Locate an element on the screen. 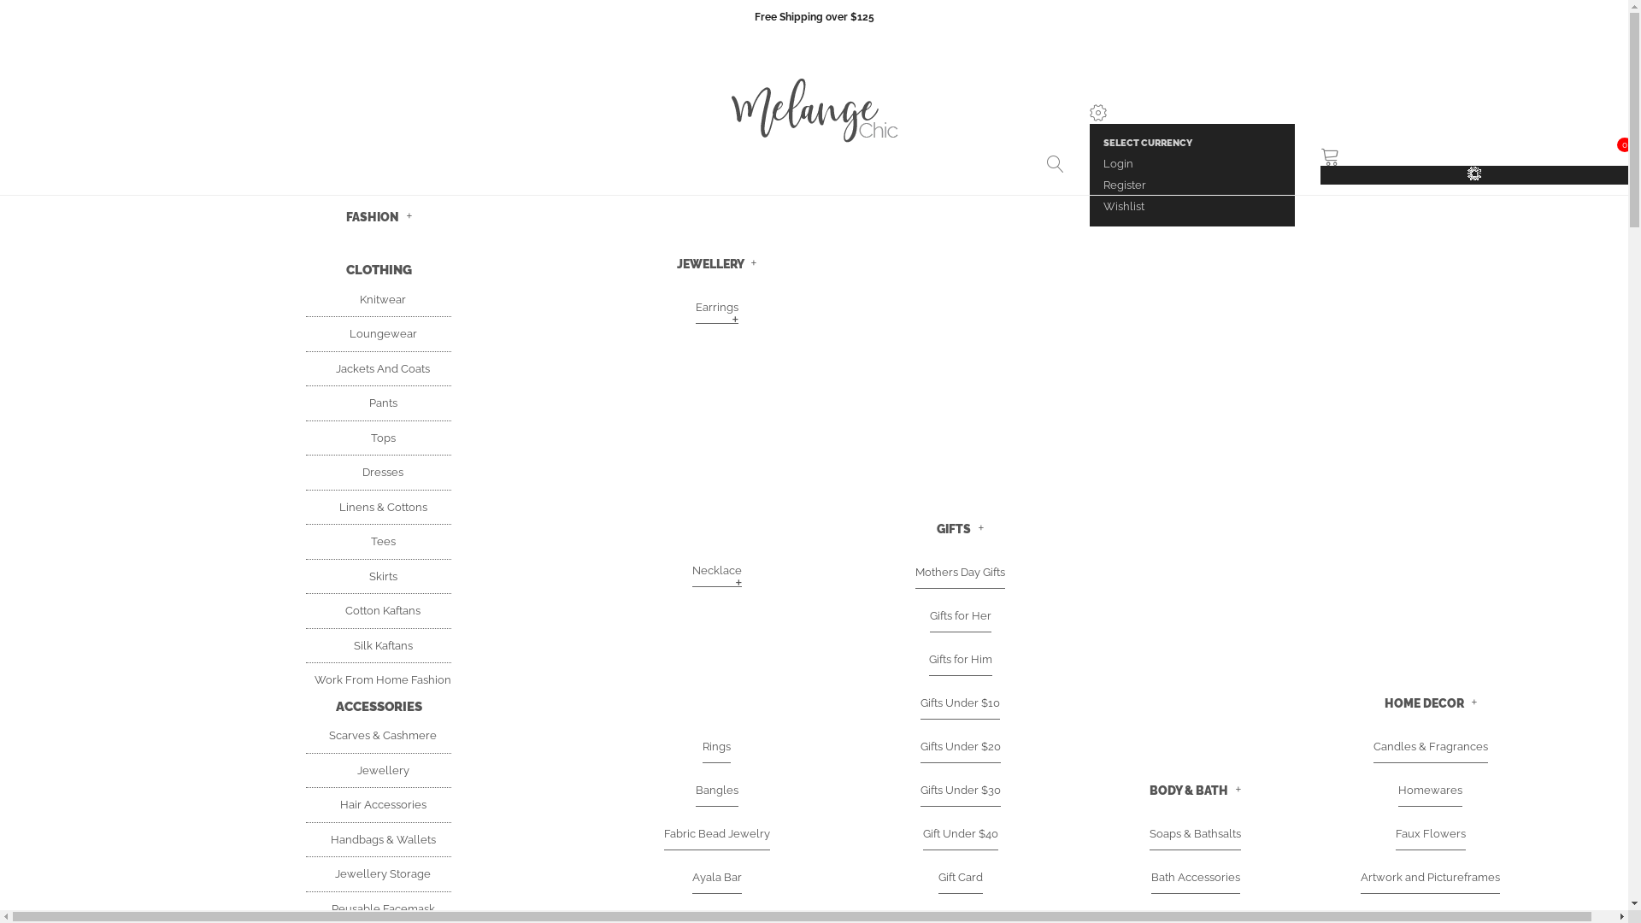 The height and width of the screenshot is (923, 1641). 'Ayala Bar' is located at coordinates (717, 877).